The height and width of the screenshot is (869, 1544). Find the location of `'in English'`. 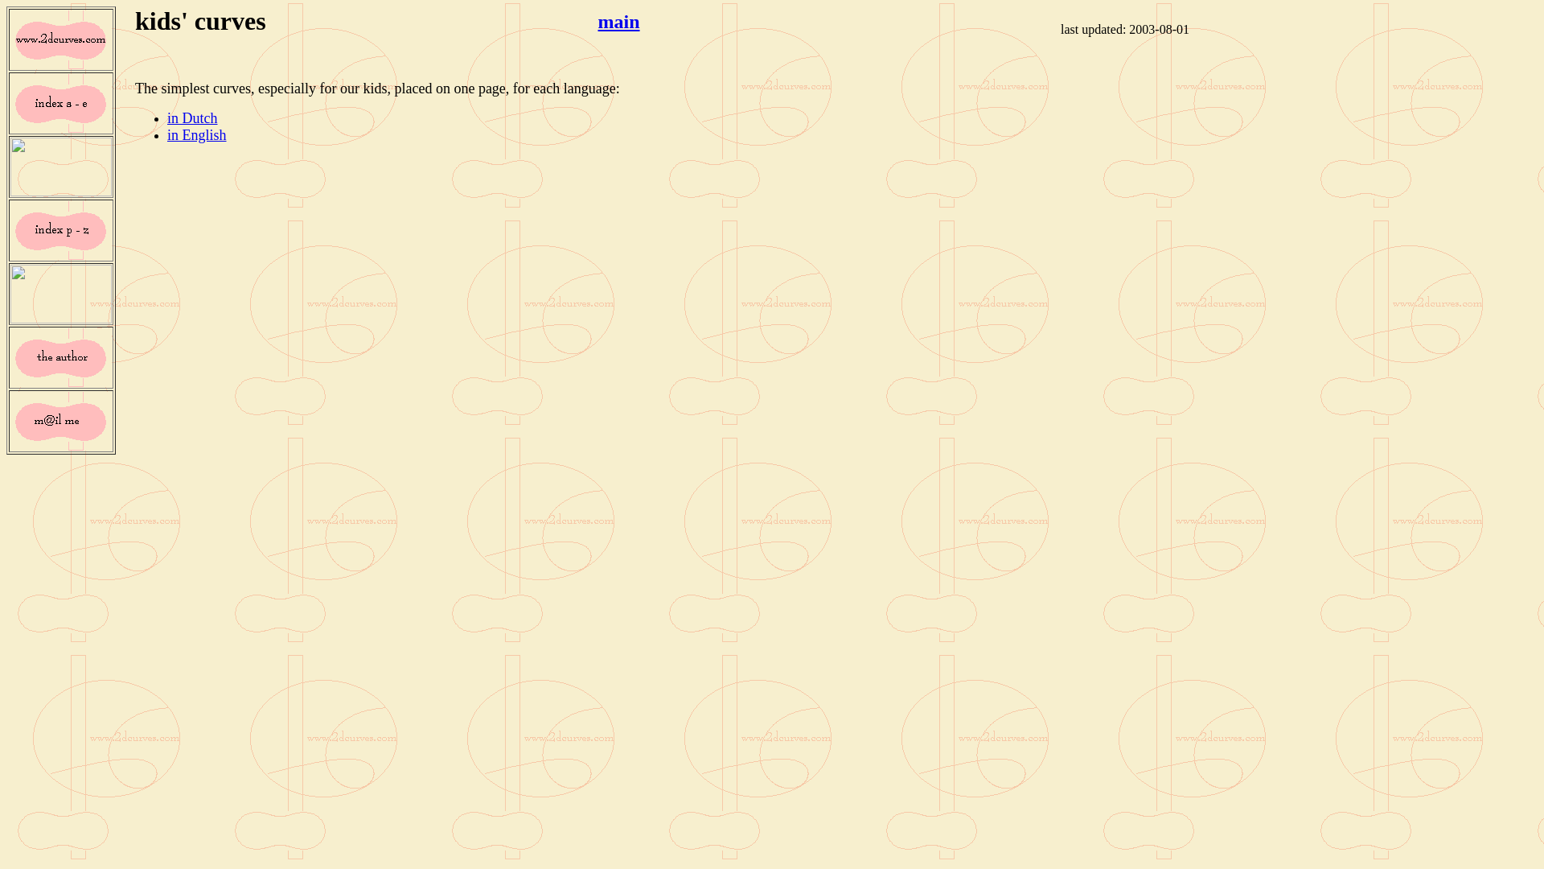

'in English' is located at coordinates (195, 134).